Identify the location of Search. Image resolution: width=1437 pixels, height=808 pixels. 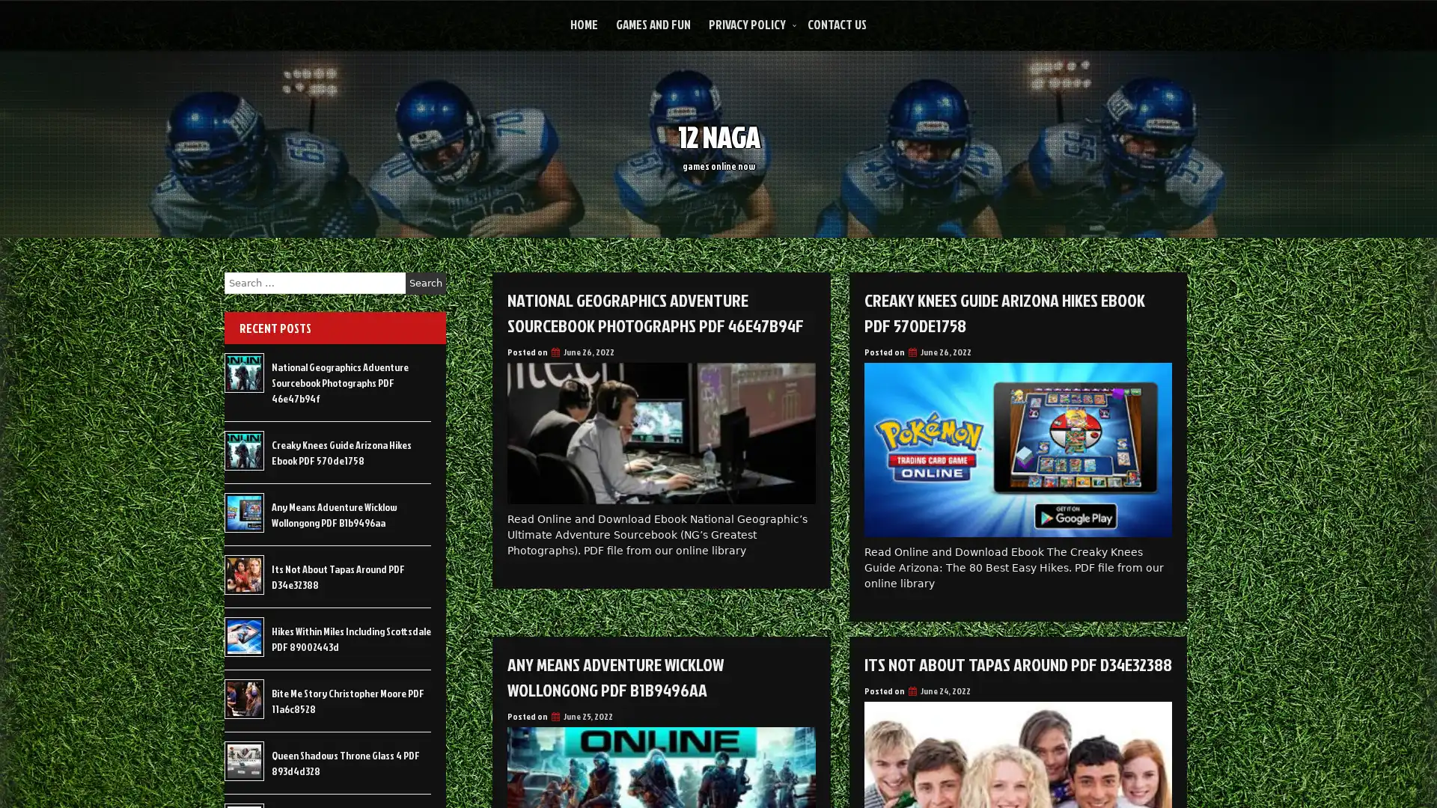
(425, 283).